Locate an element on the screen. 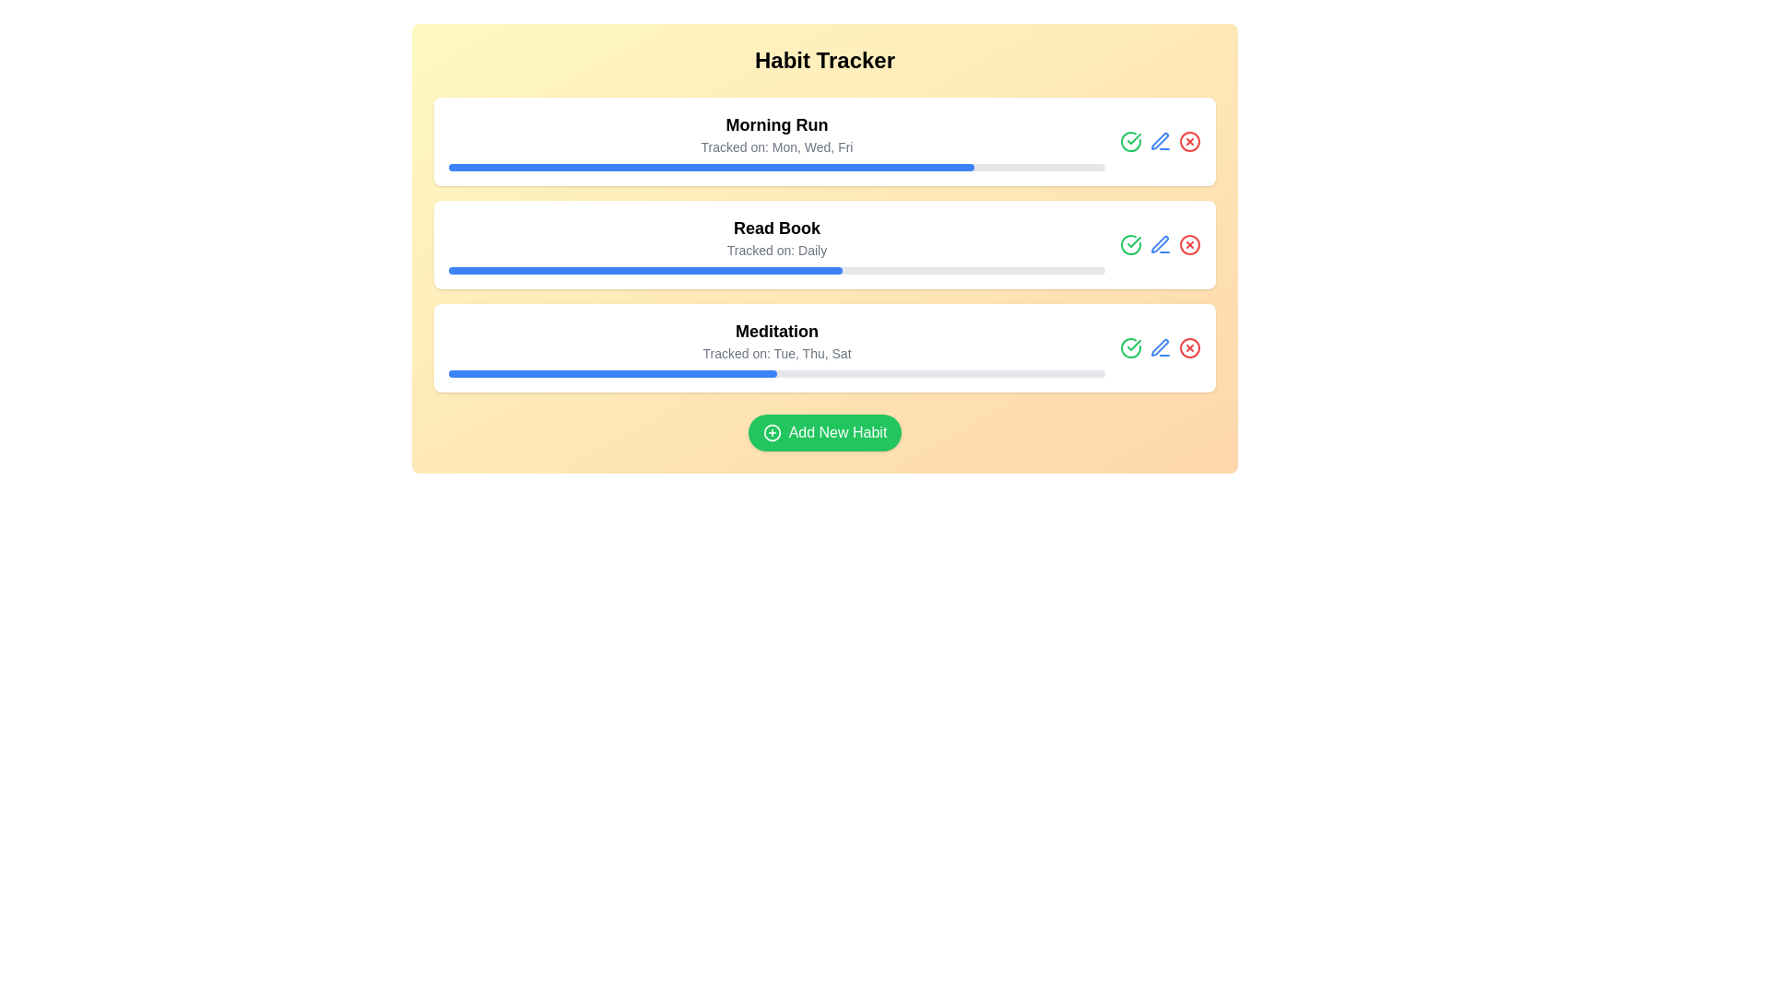 The width and height of the screenshot is (1770, 995). the button that marks the 'Morning Run' habit as completed is located at coordinates (1130, 244).